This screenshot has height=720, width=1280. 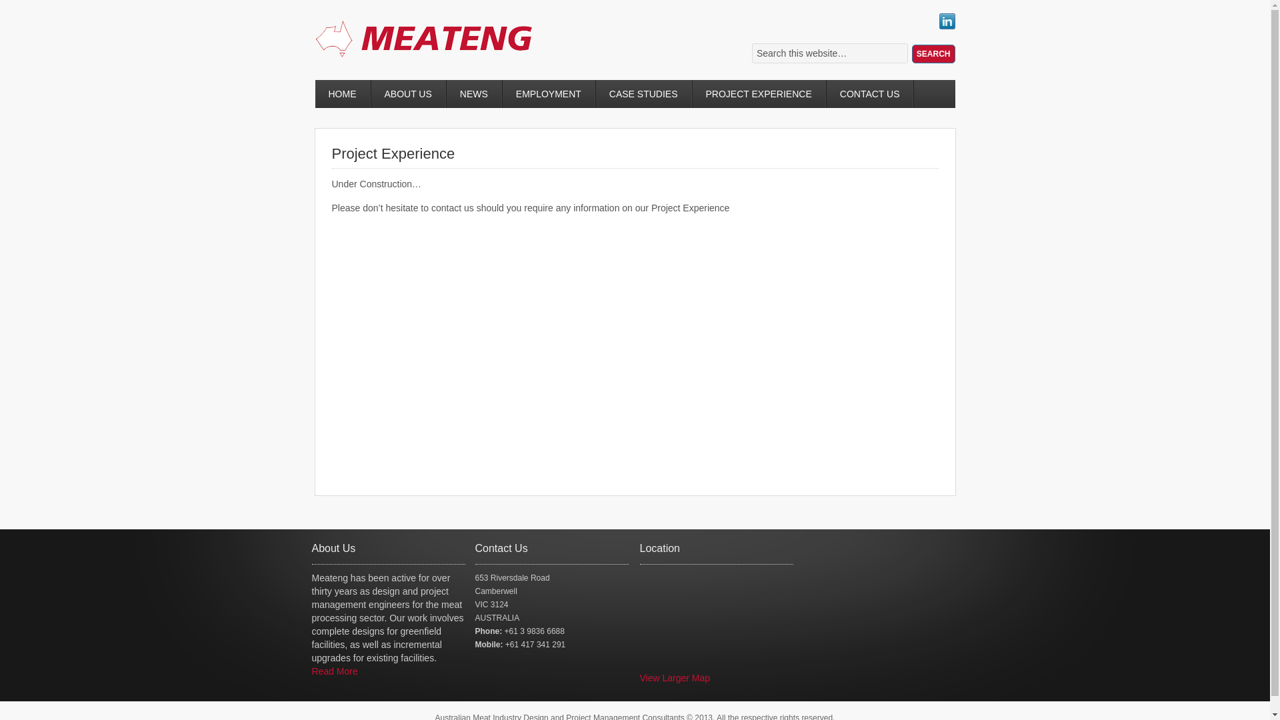 What do you see at coordinates (335, 671) in the screenshot?
I see `'Read More'` at bounding box center [335, 671].